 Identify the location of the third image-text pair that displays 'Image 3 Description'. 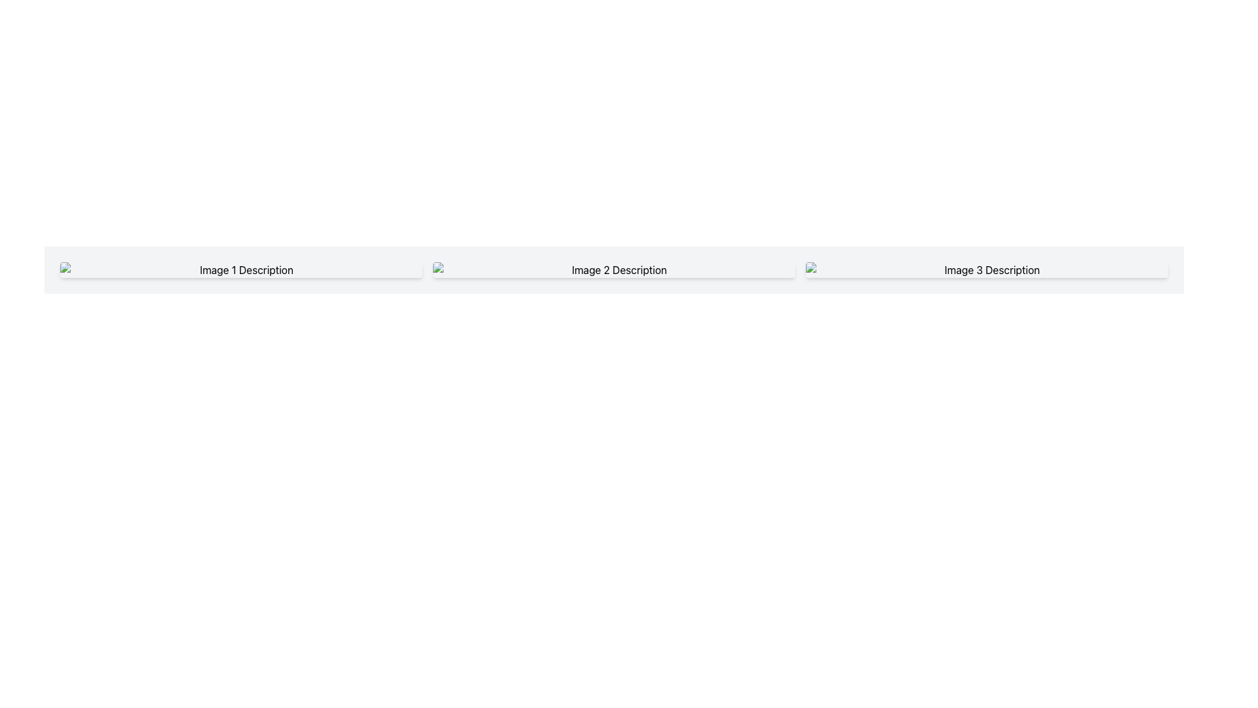
(987, 269).